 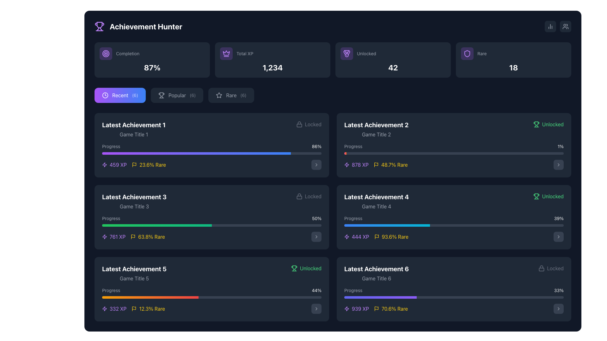 What do you see at coordinates (106, 53) in the screenshot?
I see `the non-interactive decorative SVG circle located in the top-left section of the interface` at bounding box center [106, 53].